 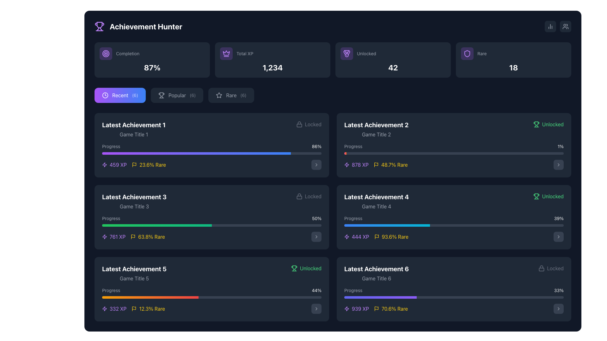 What do you see at coordinates (106, 53) in the screenshot?
I see `the non-interactive decorative SVG circle located in the top-left section of the interface` at bounding box center [106, 53].